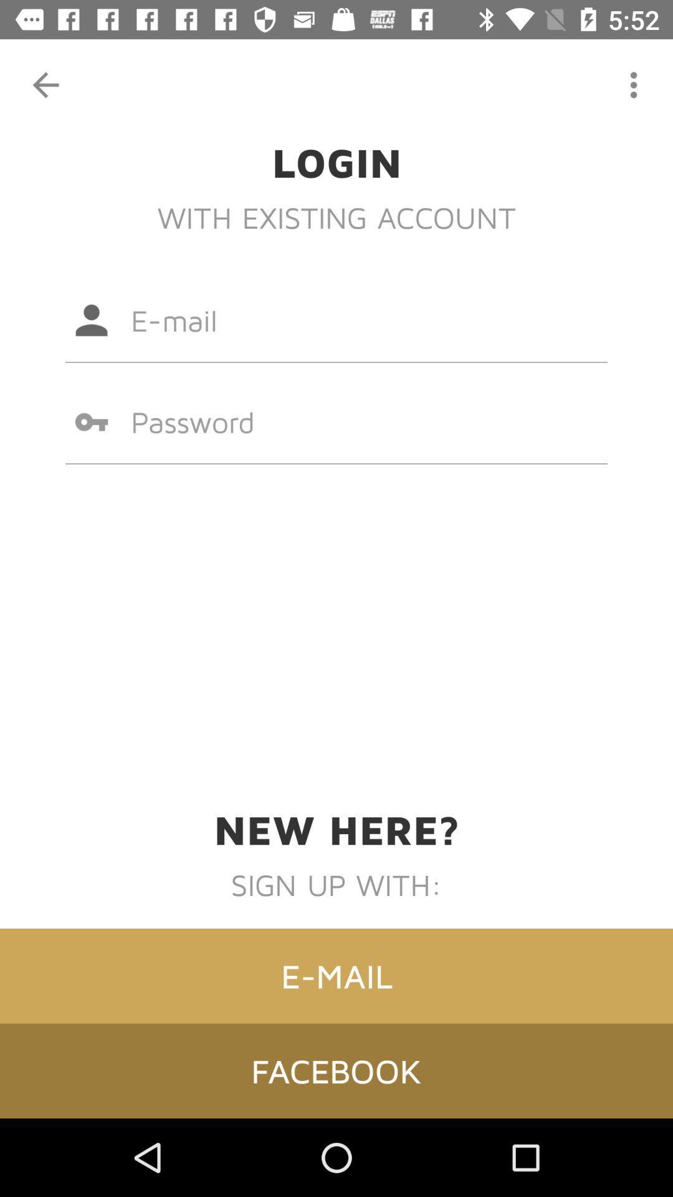 This screenshot has height=1197, width=673. Describe the element at coordinates (336, 975) in the screenshot. I see `the item above facebook` at that location.